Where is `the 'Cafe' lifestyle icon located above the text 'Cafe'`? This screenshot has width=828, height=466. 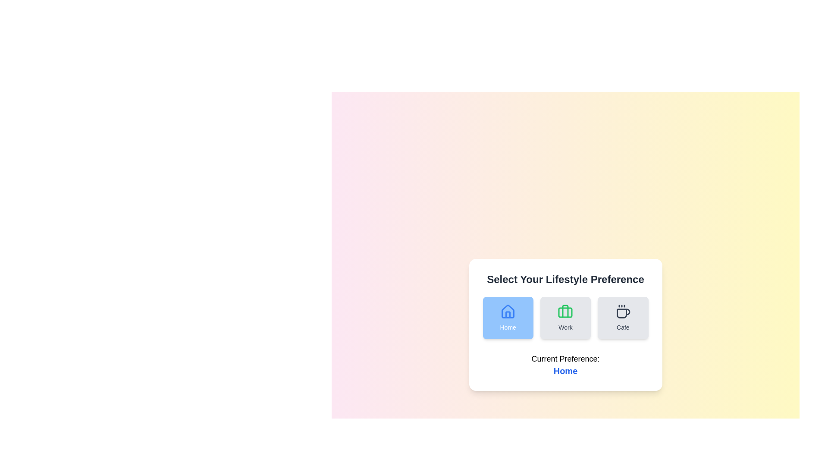
the 'Cafe' lifestyle icon located above the text 'Cafe' is located at coordinates (623, 312).